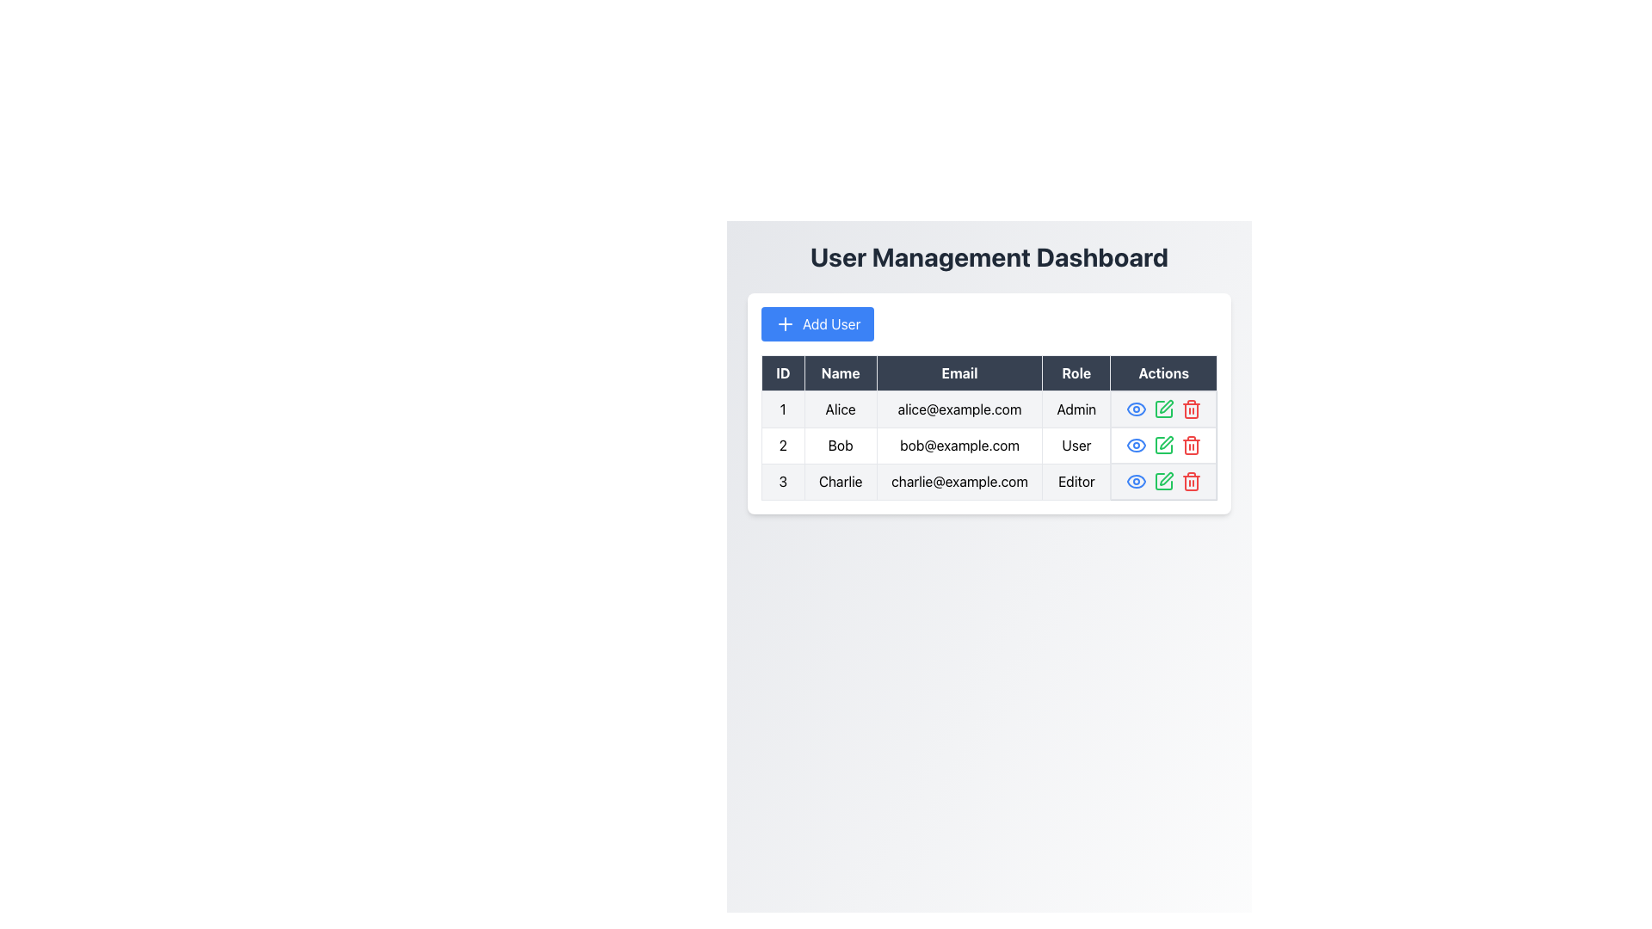 The width and height of the screenshot is (1652, 929). Describe the element at coordinates (1163, 409) in the screenshot. I see `the edit button in the actions column for user 'Alice'` at that location.